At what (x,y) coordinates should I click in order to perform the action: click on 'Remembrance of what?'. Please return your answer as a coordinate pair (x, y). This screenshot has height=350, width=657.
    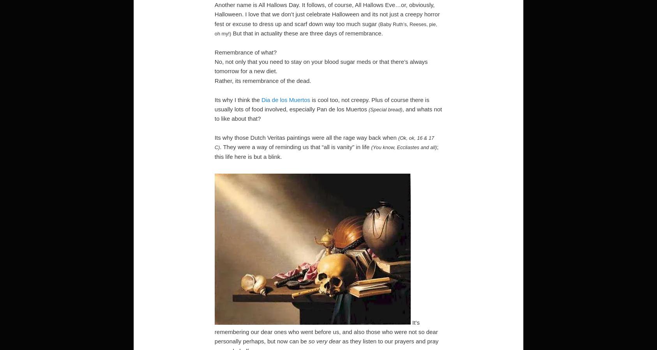
    Looking at the image, I should click on (245, 51).